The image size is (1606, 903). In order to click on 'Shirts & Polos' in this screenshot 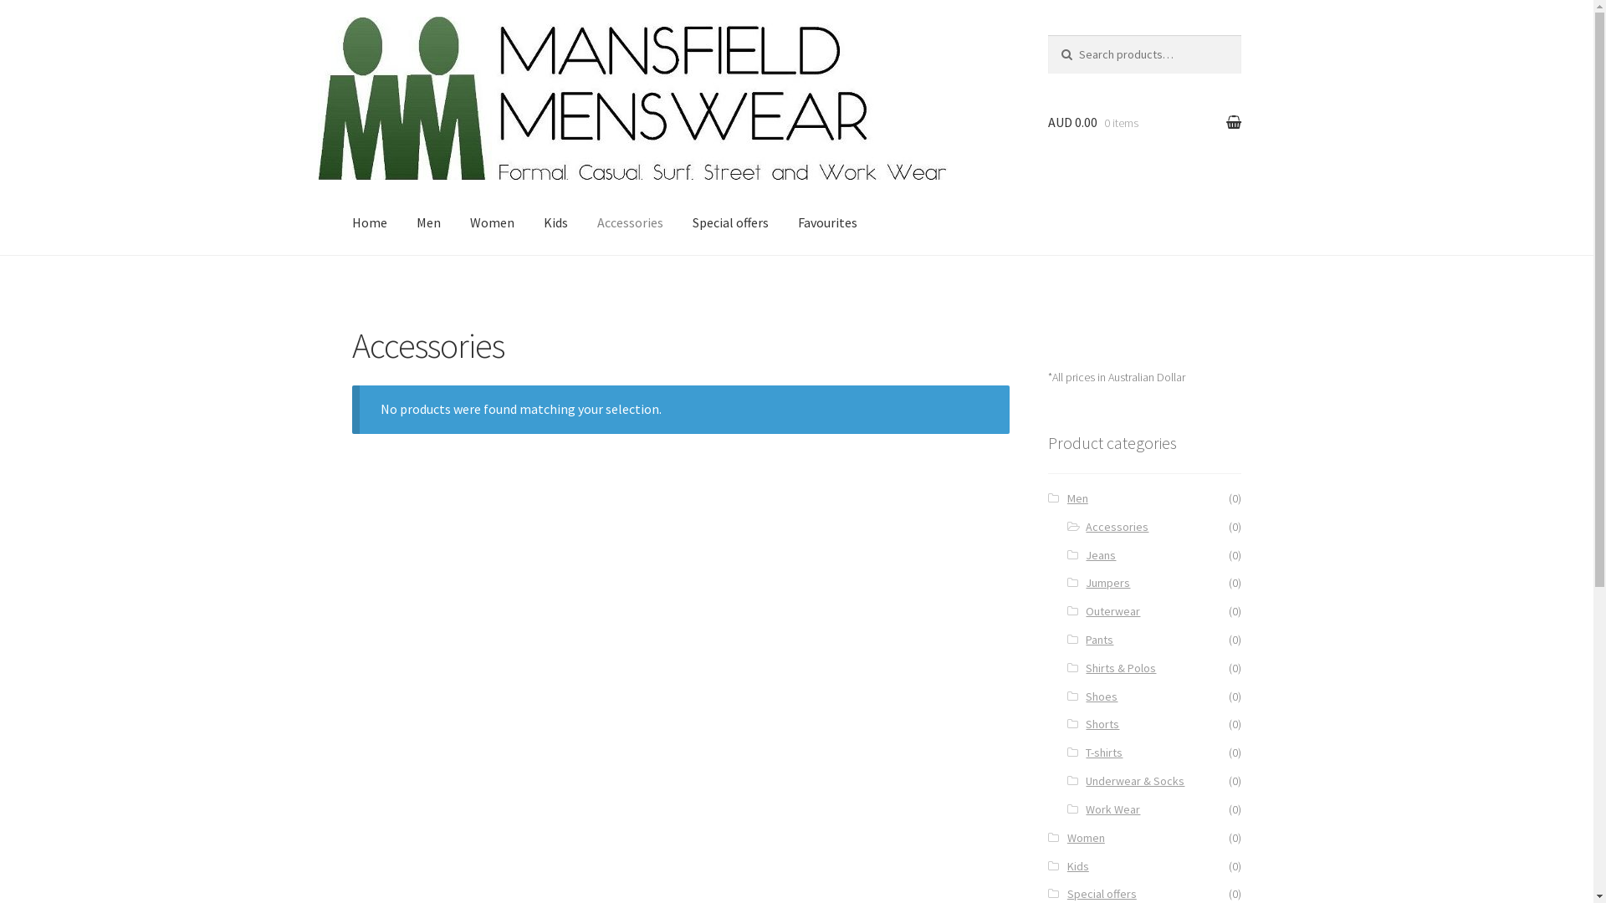, I will do `click(1120, 666)`.